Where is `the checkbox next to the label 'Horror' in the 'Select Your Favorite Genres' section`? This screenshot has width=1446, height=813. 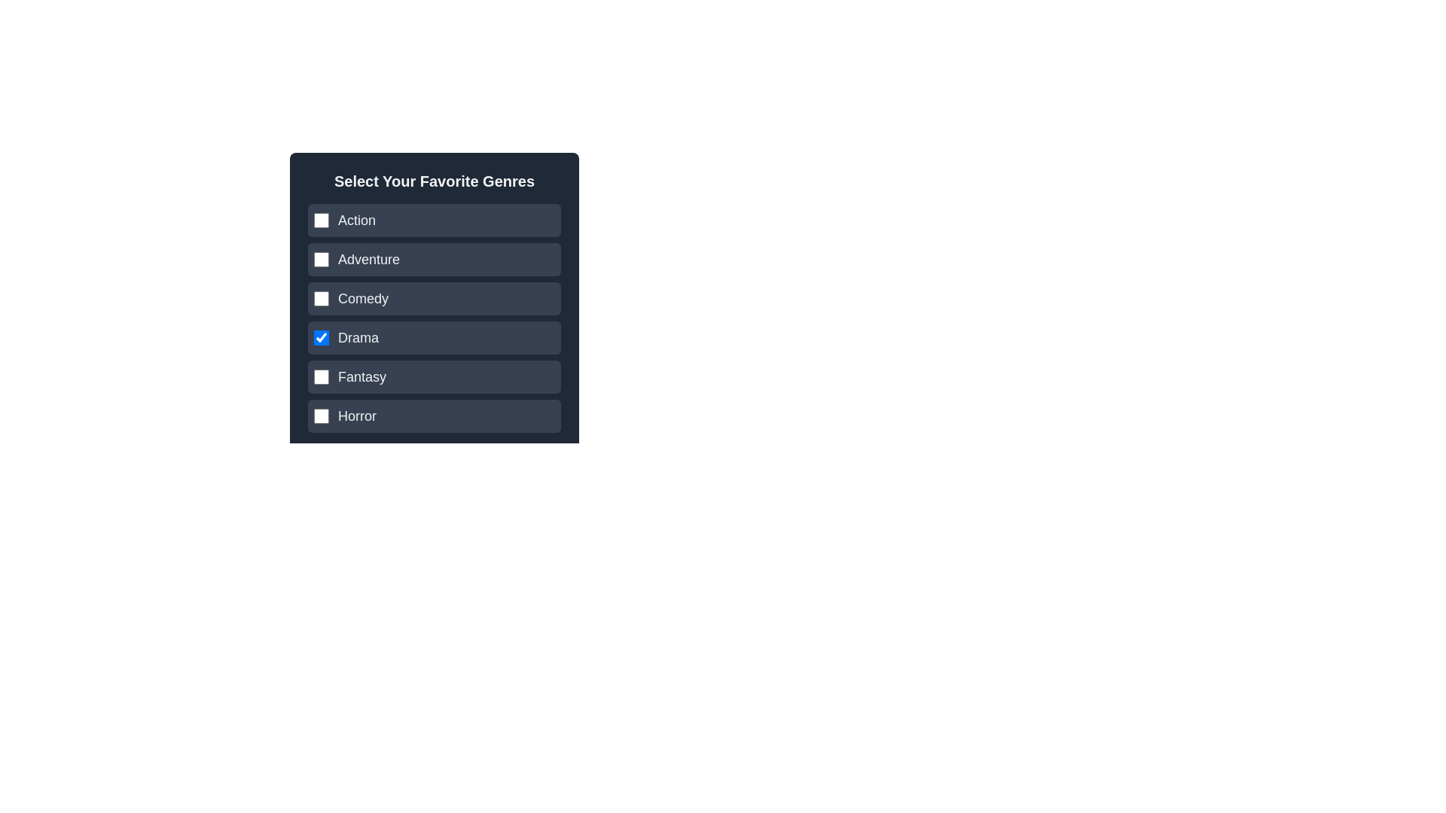 the checkbox next to the label 'Horror' in the 'Select Your Favorite Genres' section is located at coordinates (321, 416).